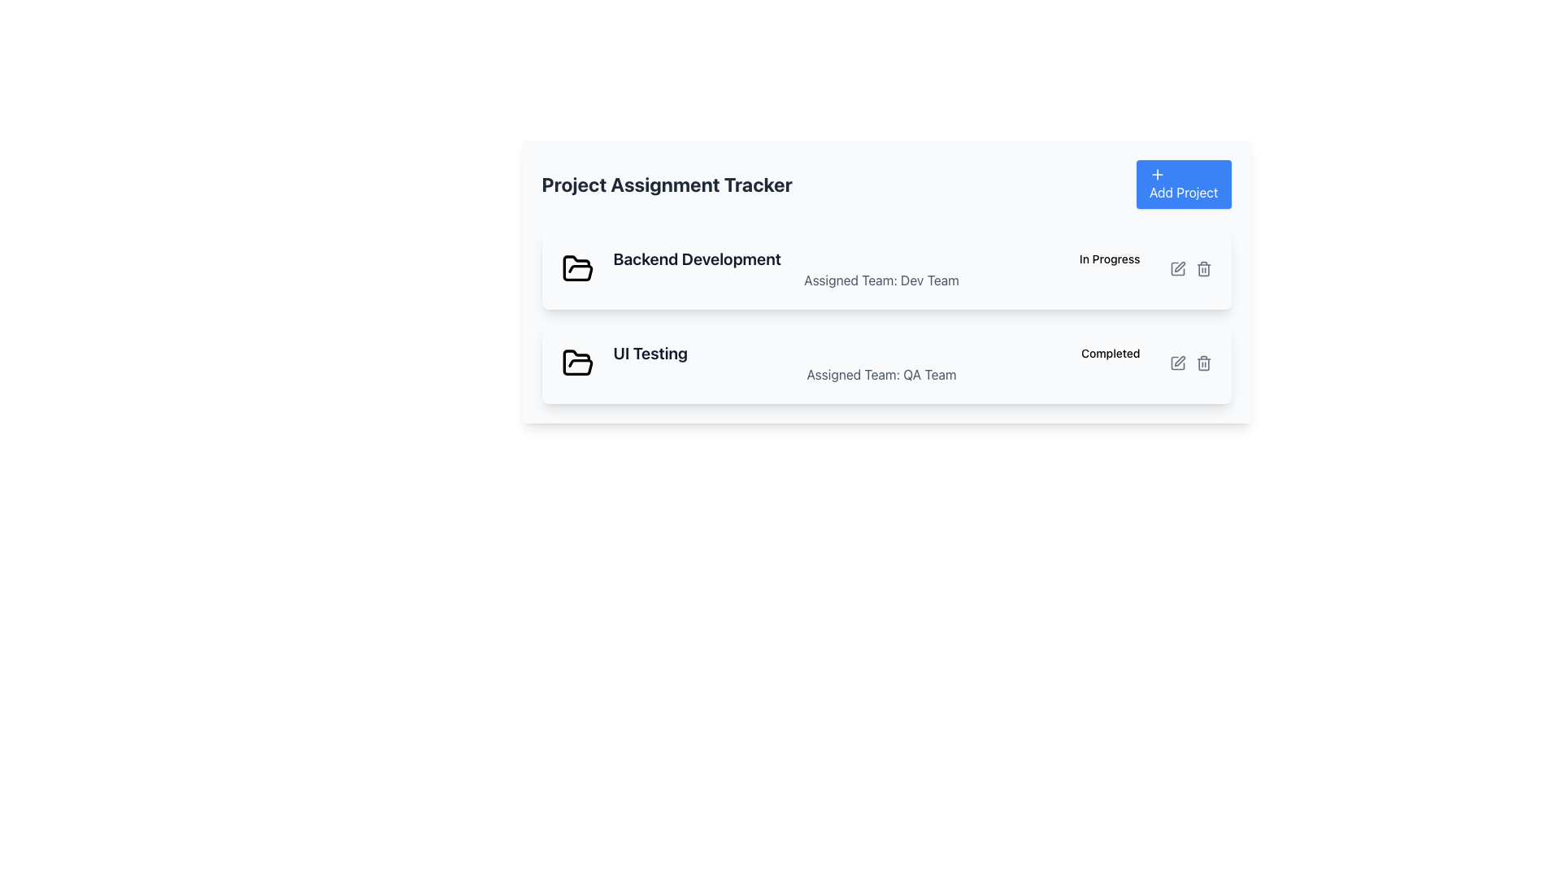 Image resolution: width=1561 pixels, height=878 pixels. I want to click on the Text Label that serves as the title for the 'Backend Development' project section, located in the upper portion of the card labeled 'Backend Development', so click(697, 259).